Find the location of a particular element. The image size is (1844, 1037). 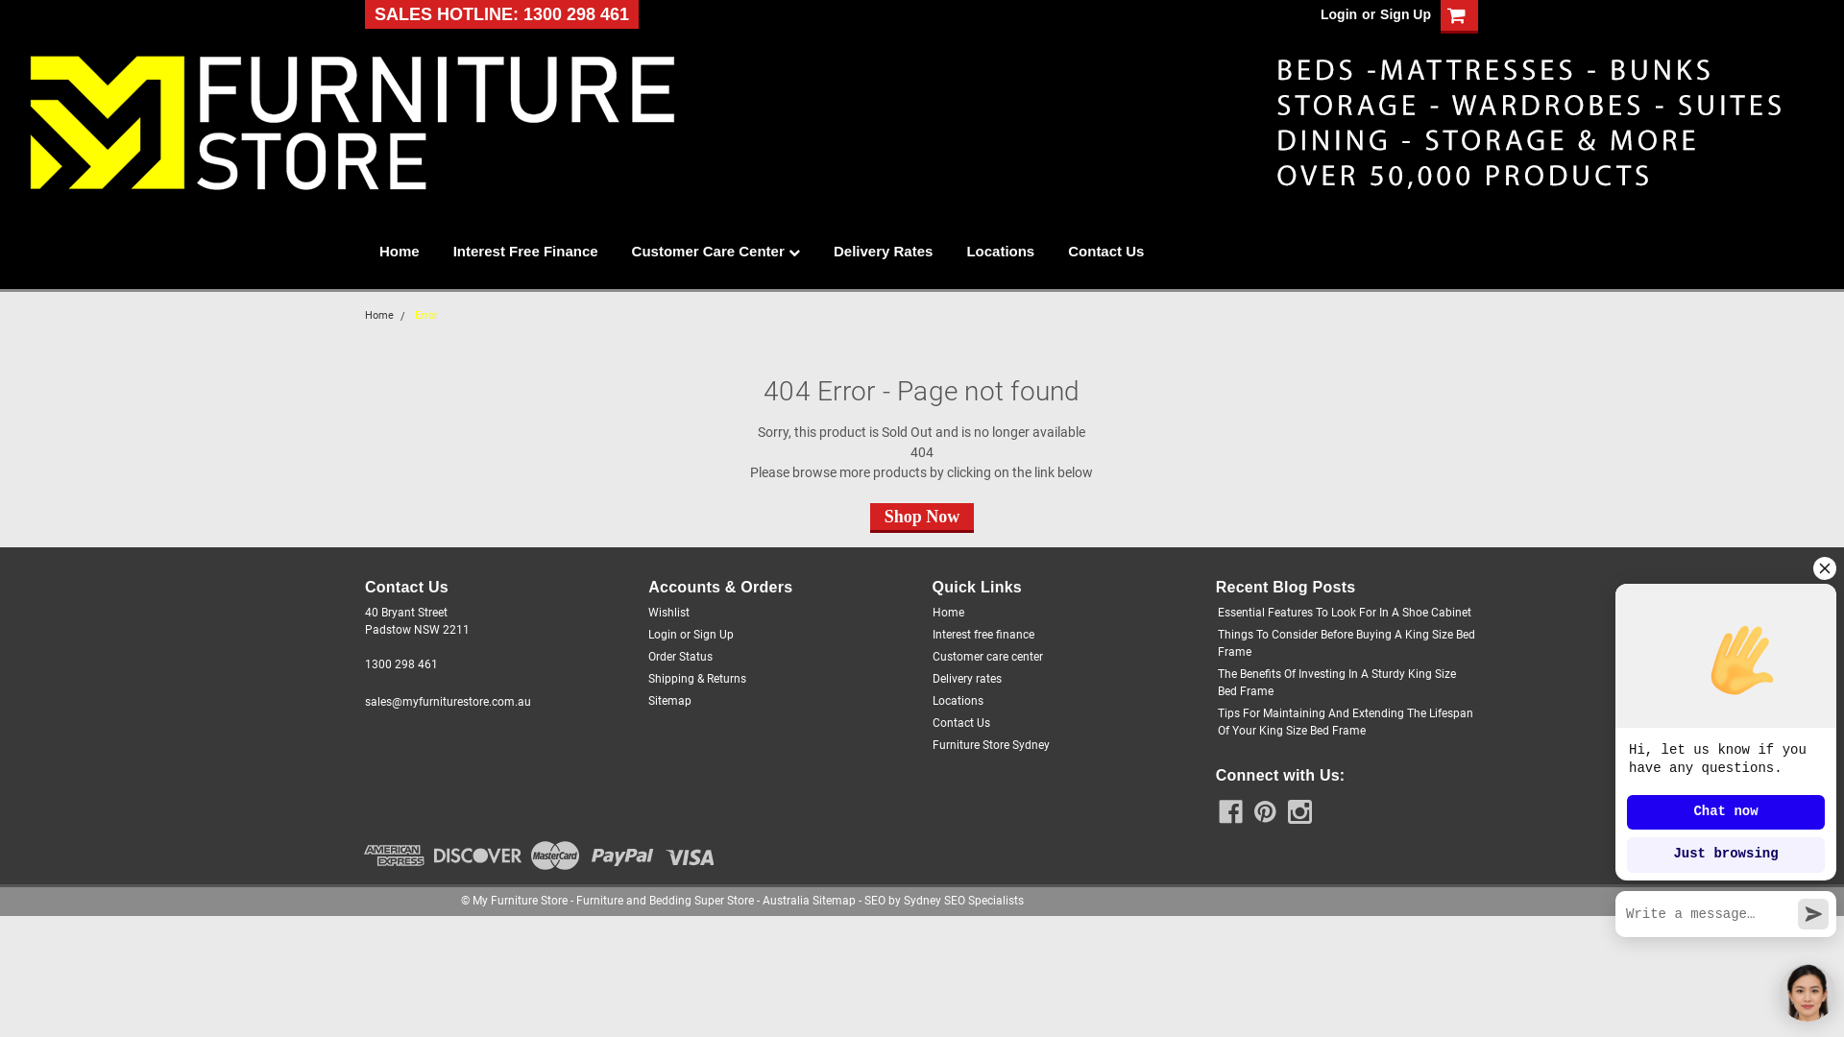

'Error' is located at coordinates (425, 314).